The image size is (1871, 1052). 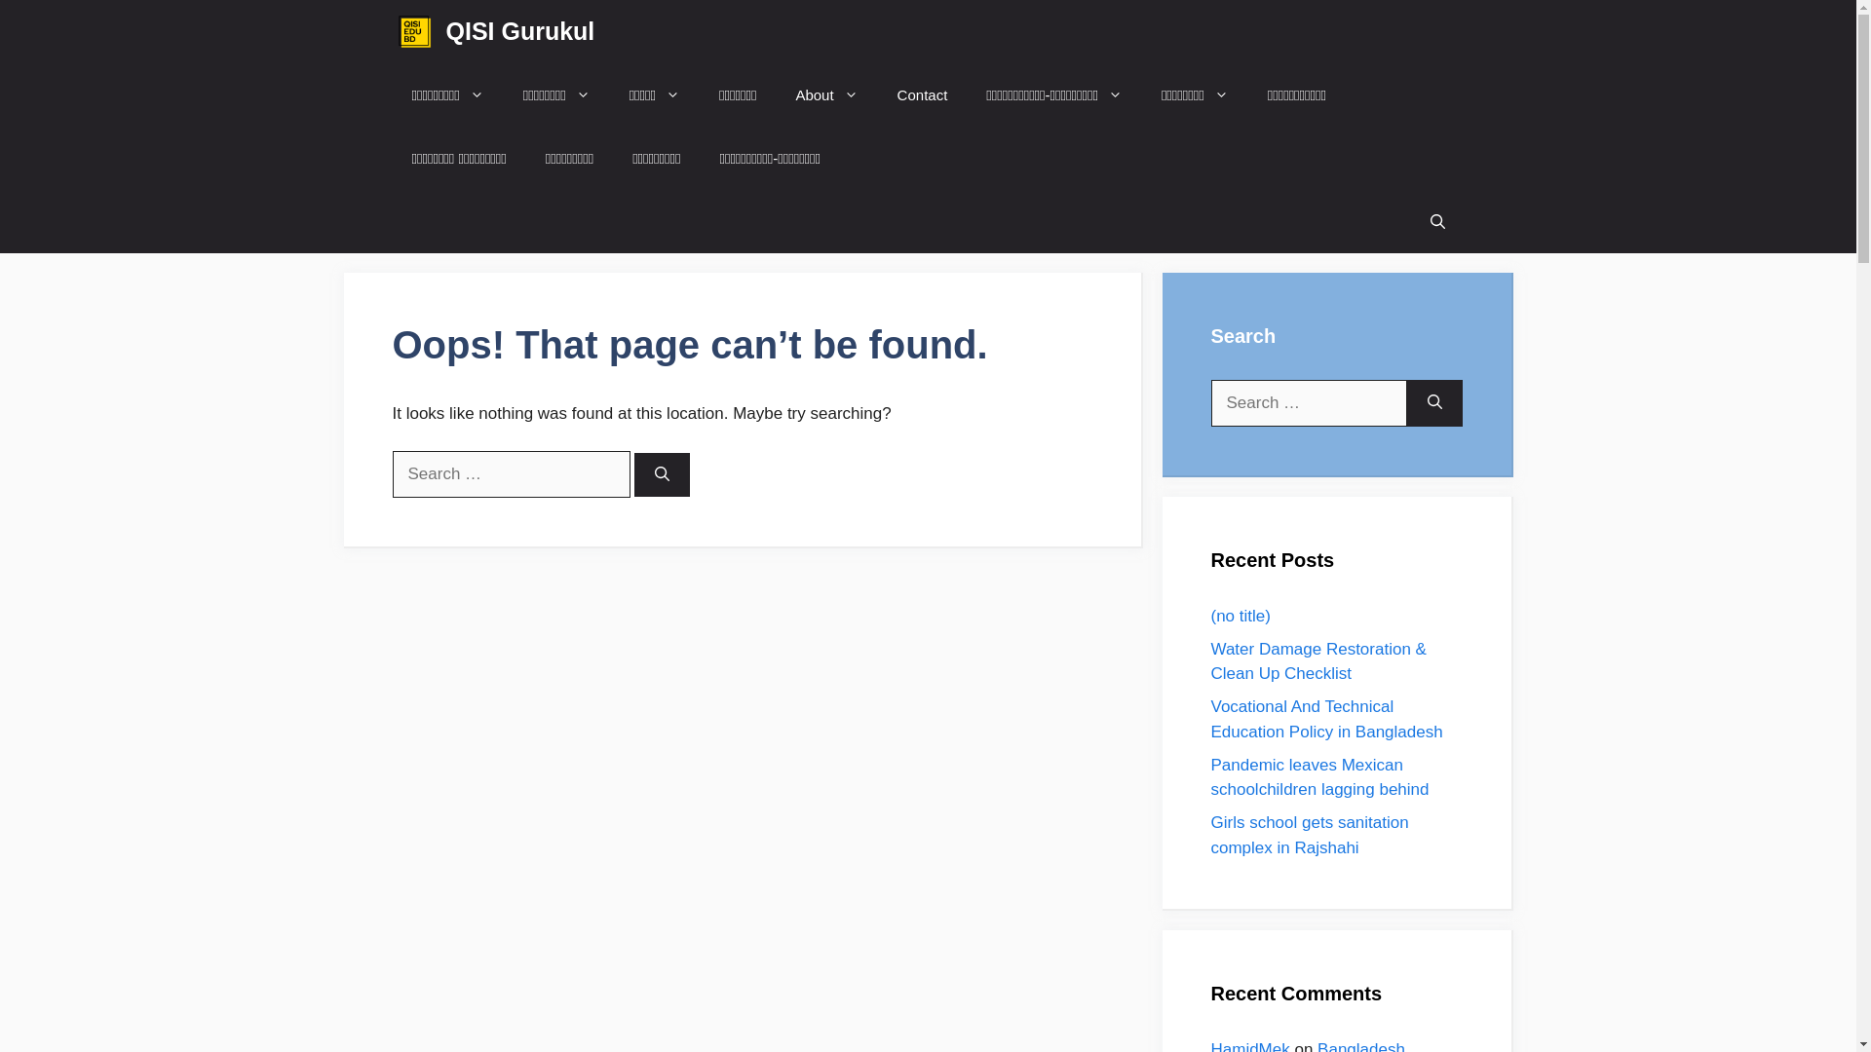 I want to click on 'Contact', so click(x=921, y=94).